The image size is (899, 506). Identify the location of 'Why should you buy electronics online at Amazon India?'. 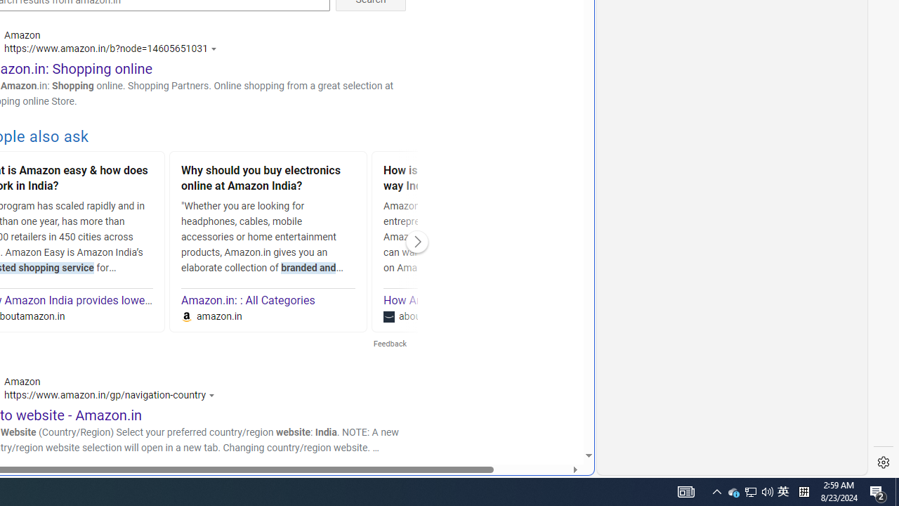
(268, 179).